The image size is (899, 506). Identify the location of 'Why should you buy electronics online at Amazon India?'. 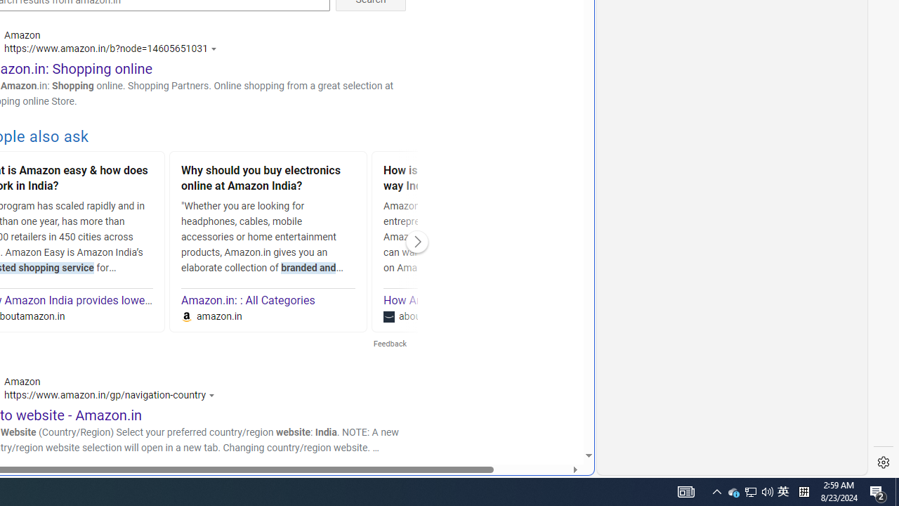
(268, 179).